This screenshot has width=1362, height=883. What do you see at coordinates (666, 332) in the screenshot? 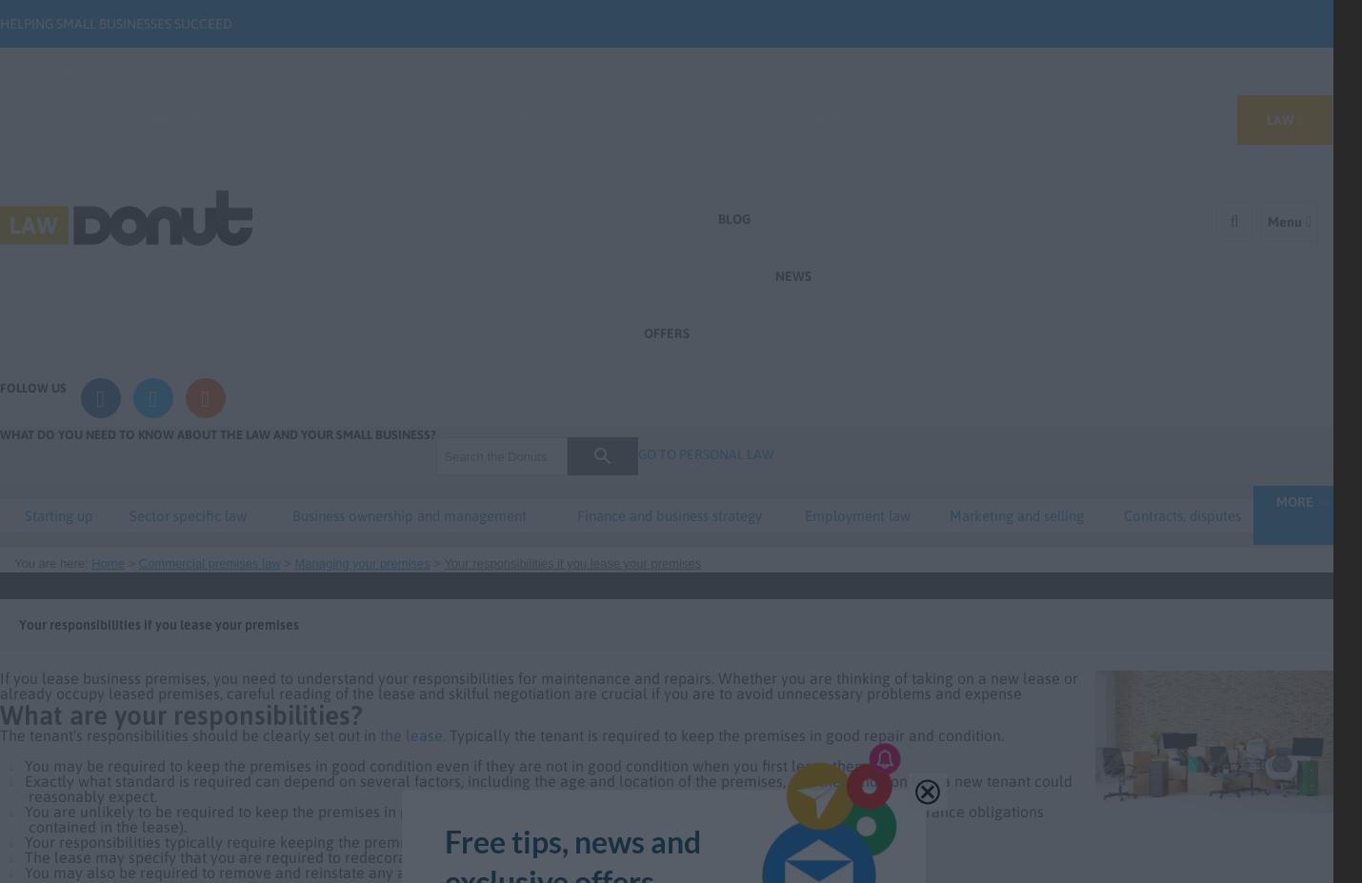
I see `'Offers'` at bounding box center [666, 332].